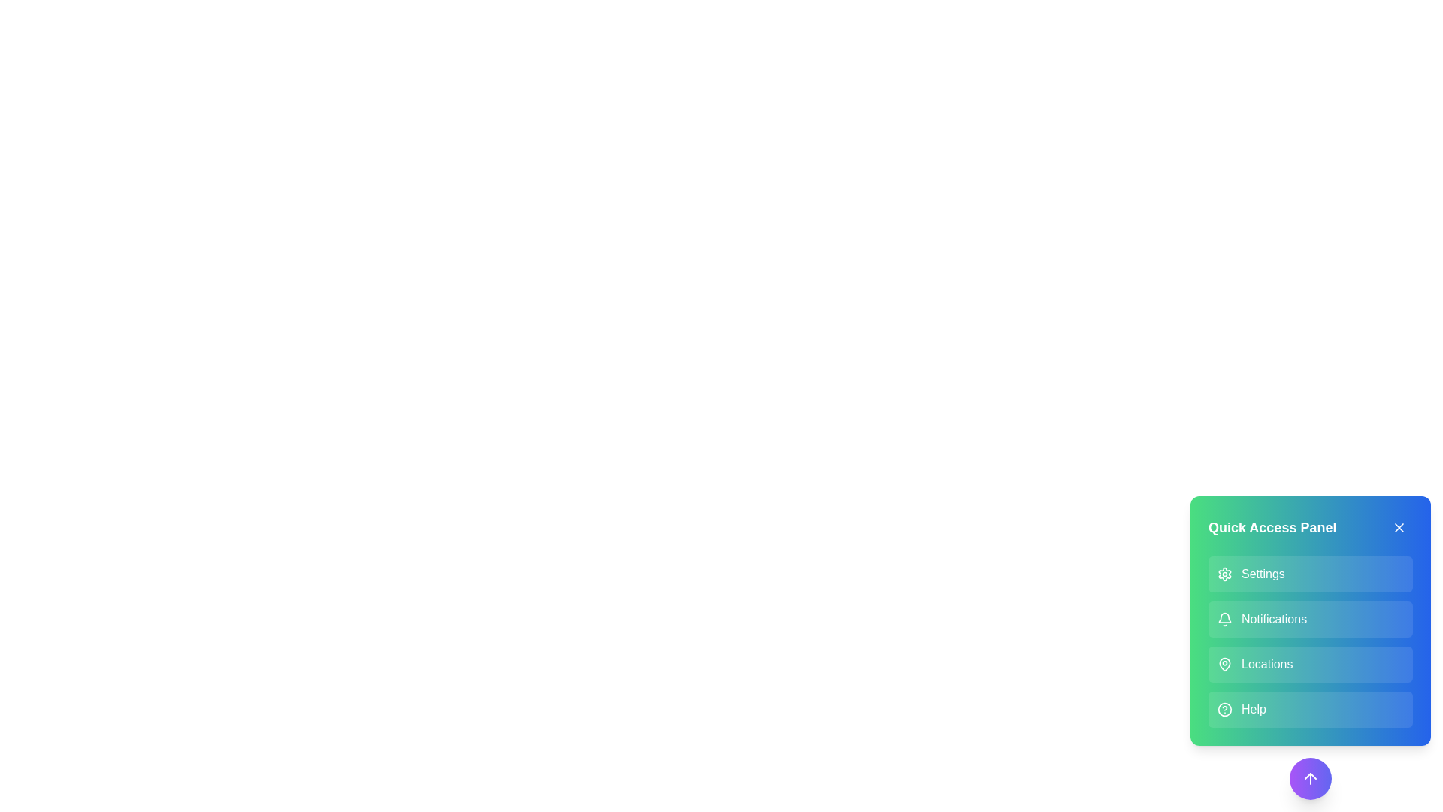 This screenshot has width=1443, height=812. I want to click on the close button located at the top-right corner of the 'Quick Access Panel', so click(1399, 527).